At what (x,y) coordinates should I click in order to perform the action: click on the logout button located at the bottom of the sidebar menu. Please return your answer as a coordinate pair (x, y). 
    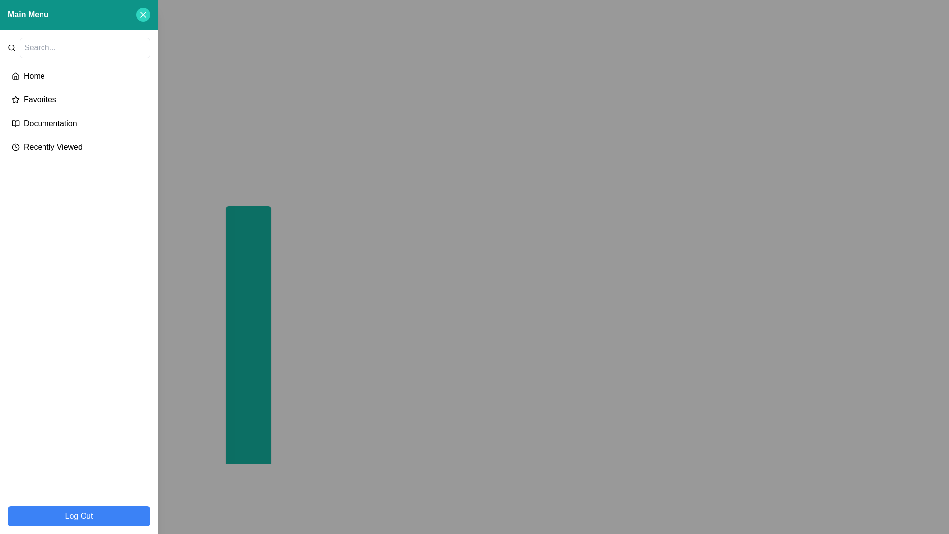
    Looking at the image, I should click on (78, 516).